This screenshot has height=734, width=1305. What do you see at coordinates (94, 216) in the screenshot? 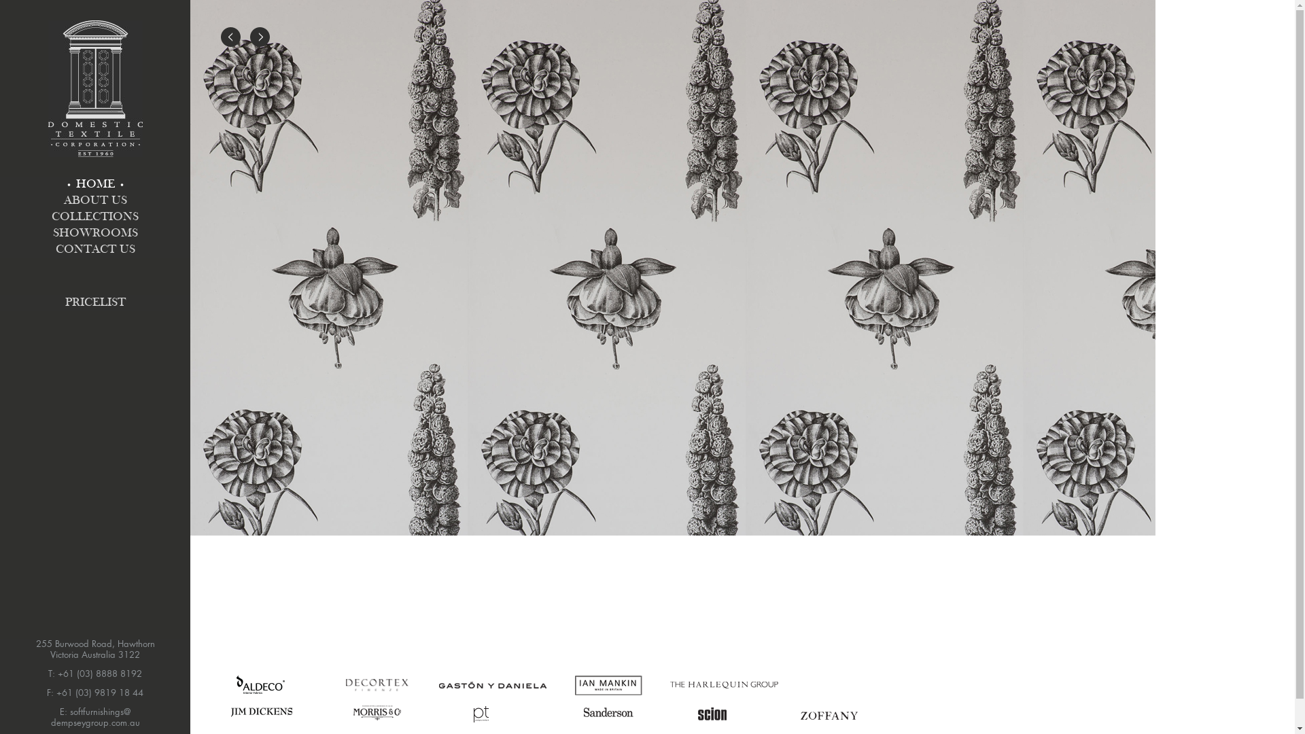
I see `' COLLECTIONS '` at bounding box center [94, 216].